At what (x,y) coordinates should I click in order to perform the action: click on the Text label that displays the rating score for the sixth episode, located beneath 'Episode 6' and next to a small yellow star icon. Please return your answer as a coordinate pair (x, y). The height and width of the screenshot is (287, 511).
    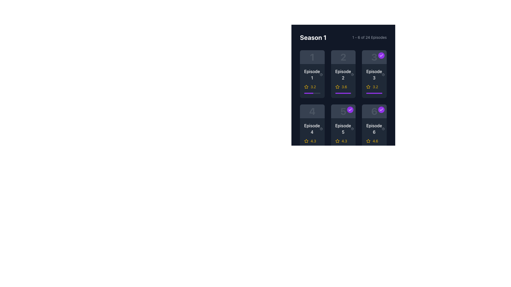
    Looking at the image, I should click on (375, 141).